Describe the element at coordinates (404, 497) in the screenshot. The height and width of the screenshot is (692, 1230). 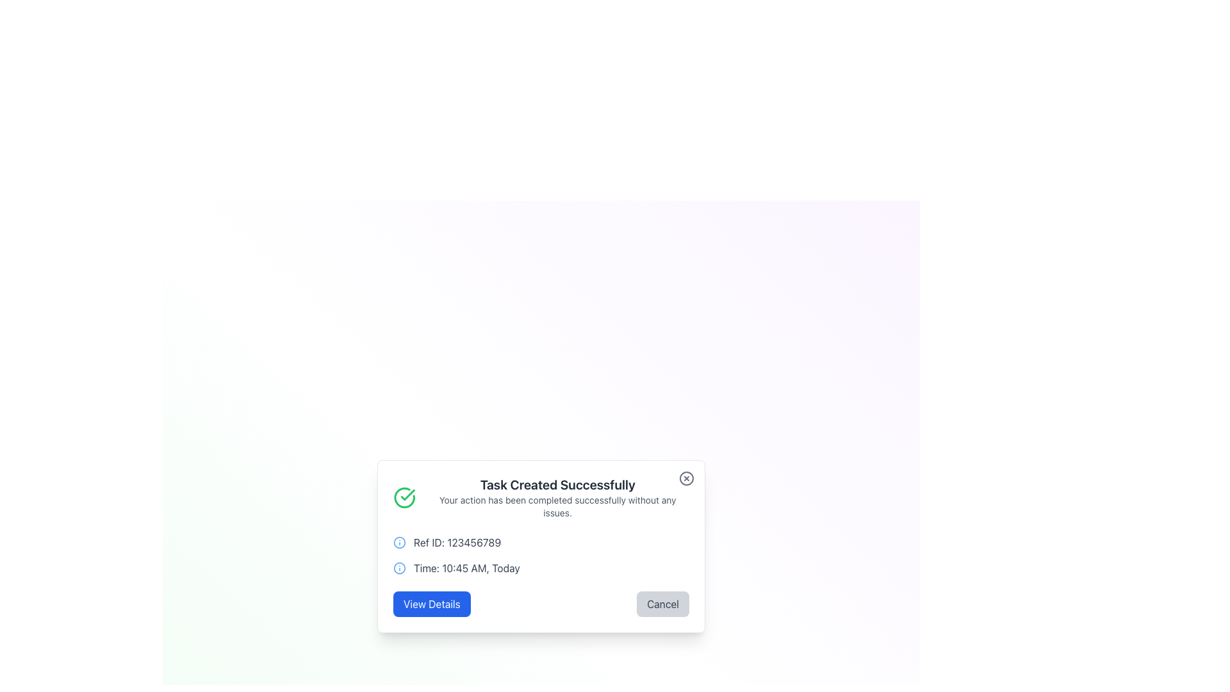
I see `the green circular icon with a checkmark indicating successful action, located in the header of the notification next to the text 'Task Created Successfully'` at that location.